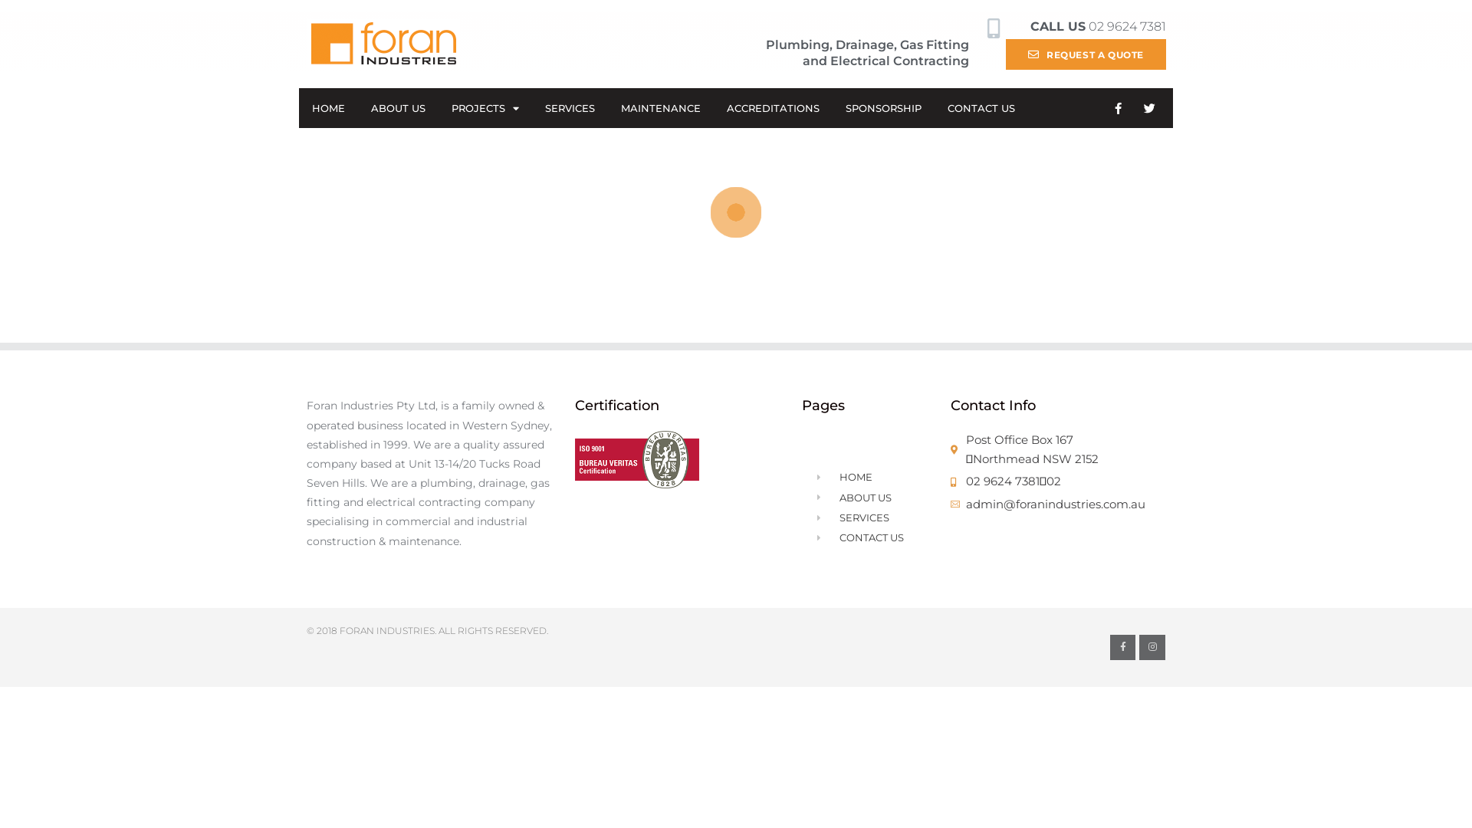 The image size is (1472, 828). What do you see at coordinates (485, 107) in the screenshot?
I see `'PROJECTS'` at bounding box center [485, 107].